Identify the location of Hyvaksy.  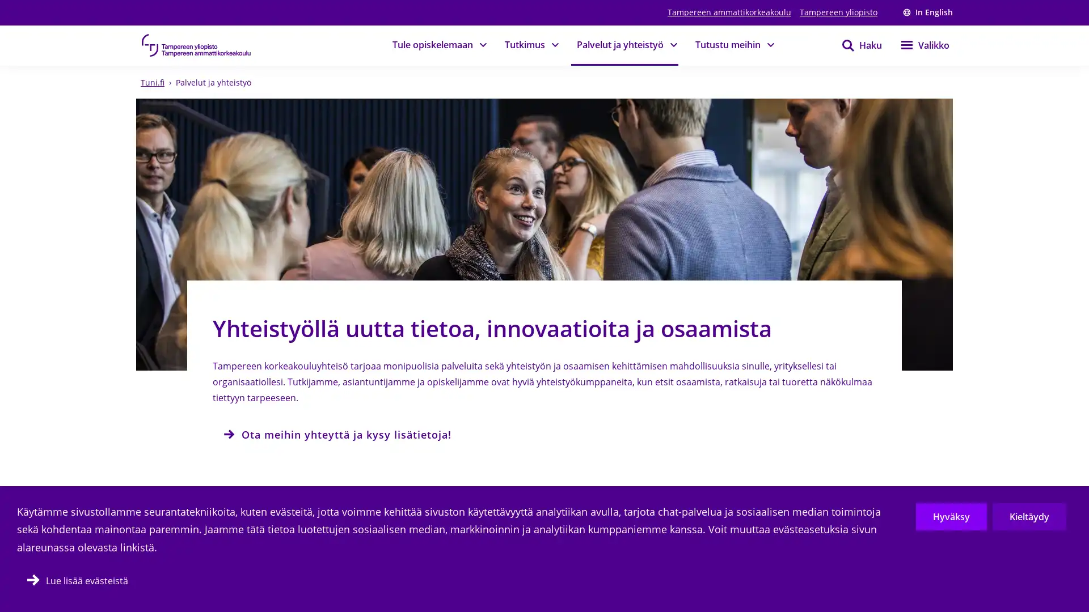
(951, 516).